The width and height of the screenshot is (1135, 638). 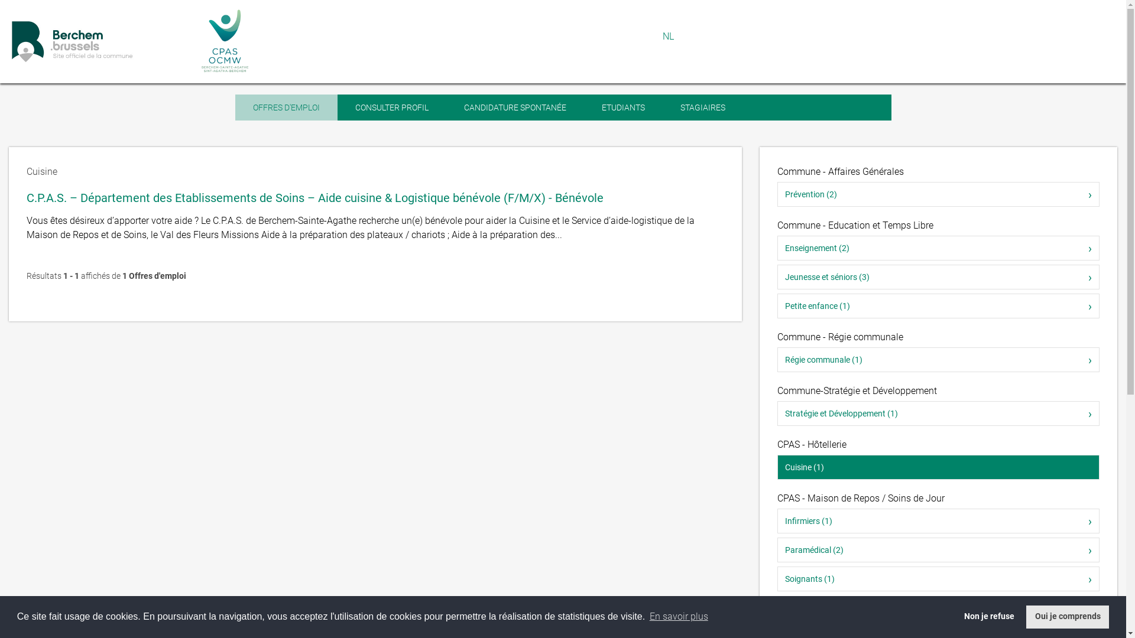 What do you see at coordinates (153, 275) in the screenshot?
I see `'1 Offres d'emploi'` at bounding box center [153, 275].